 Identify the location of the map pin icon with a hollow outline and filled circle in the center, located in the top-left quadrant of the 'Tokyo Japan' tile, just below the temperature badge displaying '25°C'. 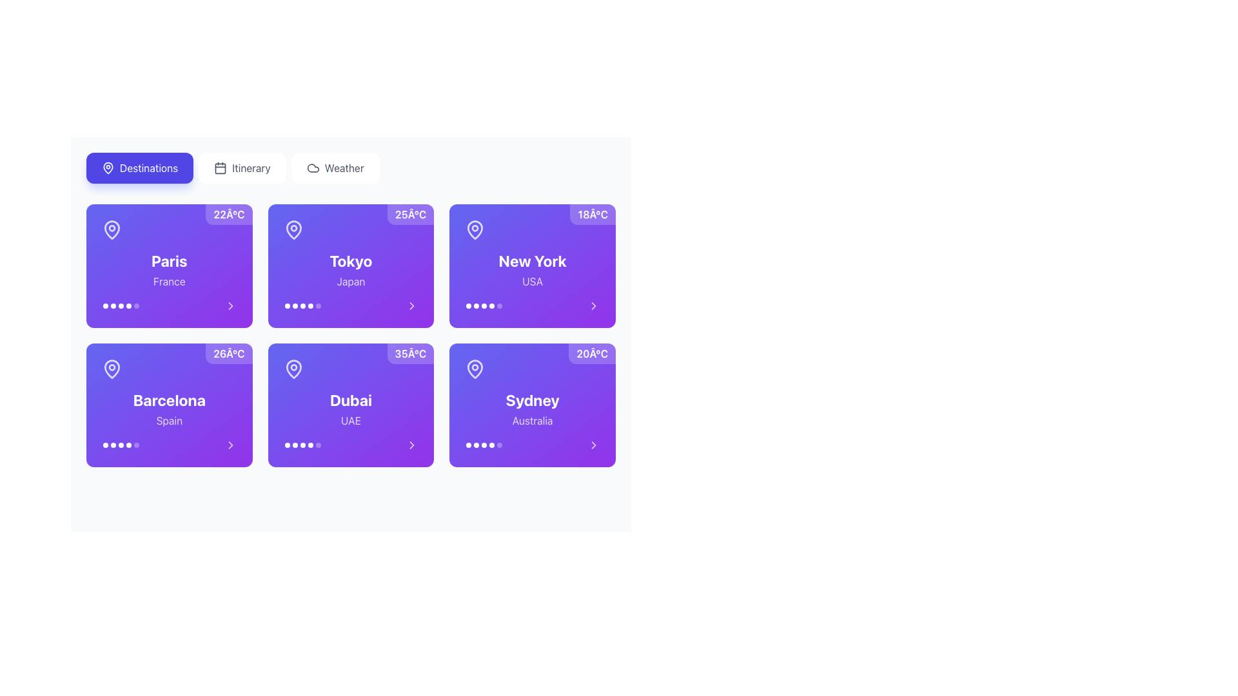
(293, 229).